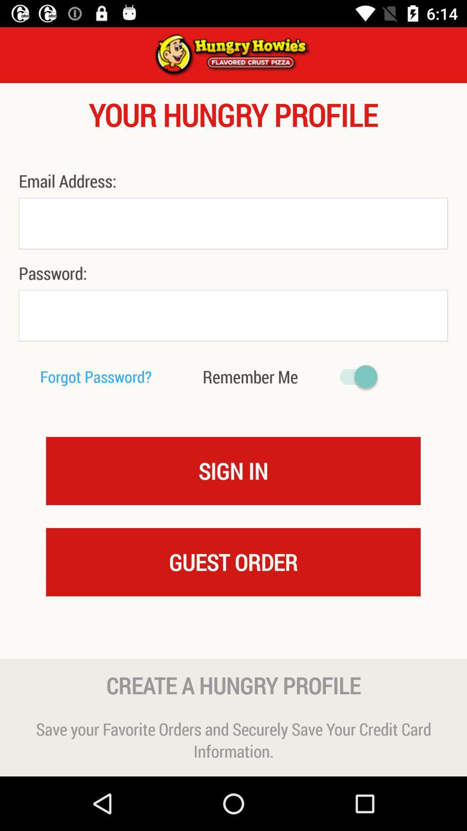 Image resolution: width=467 pixels, height=831 pixels. I want to click on the icon above guest order item, so click(233, 470).